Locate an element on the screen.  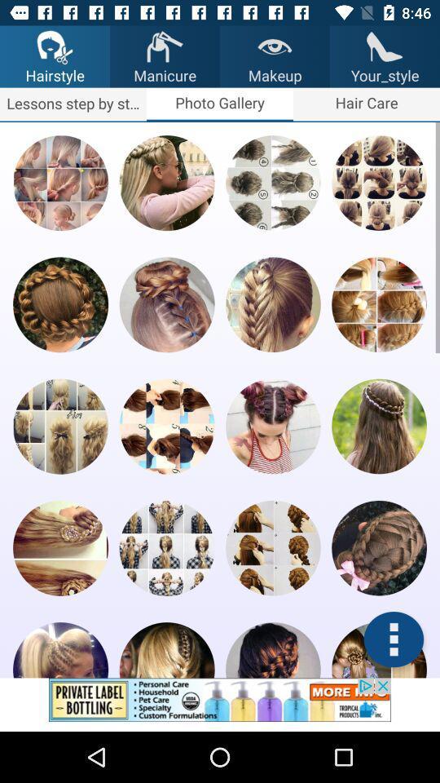
photo editing app is located at coordinates (59, 650).